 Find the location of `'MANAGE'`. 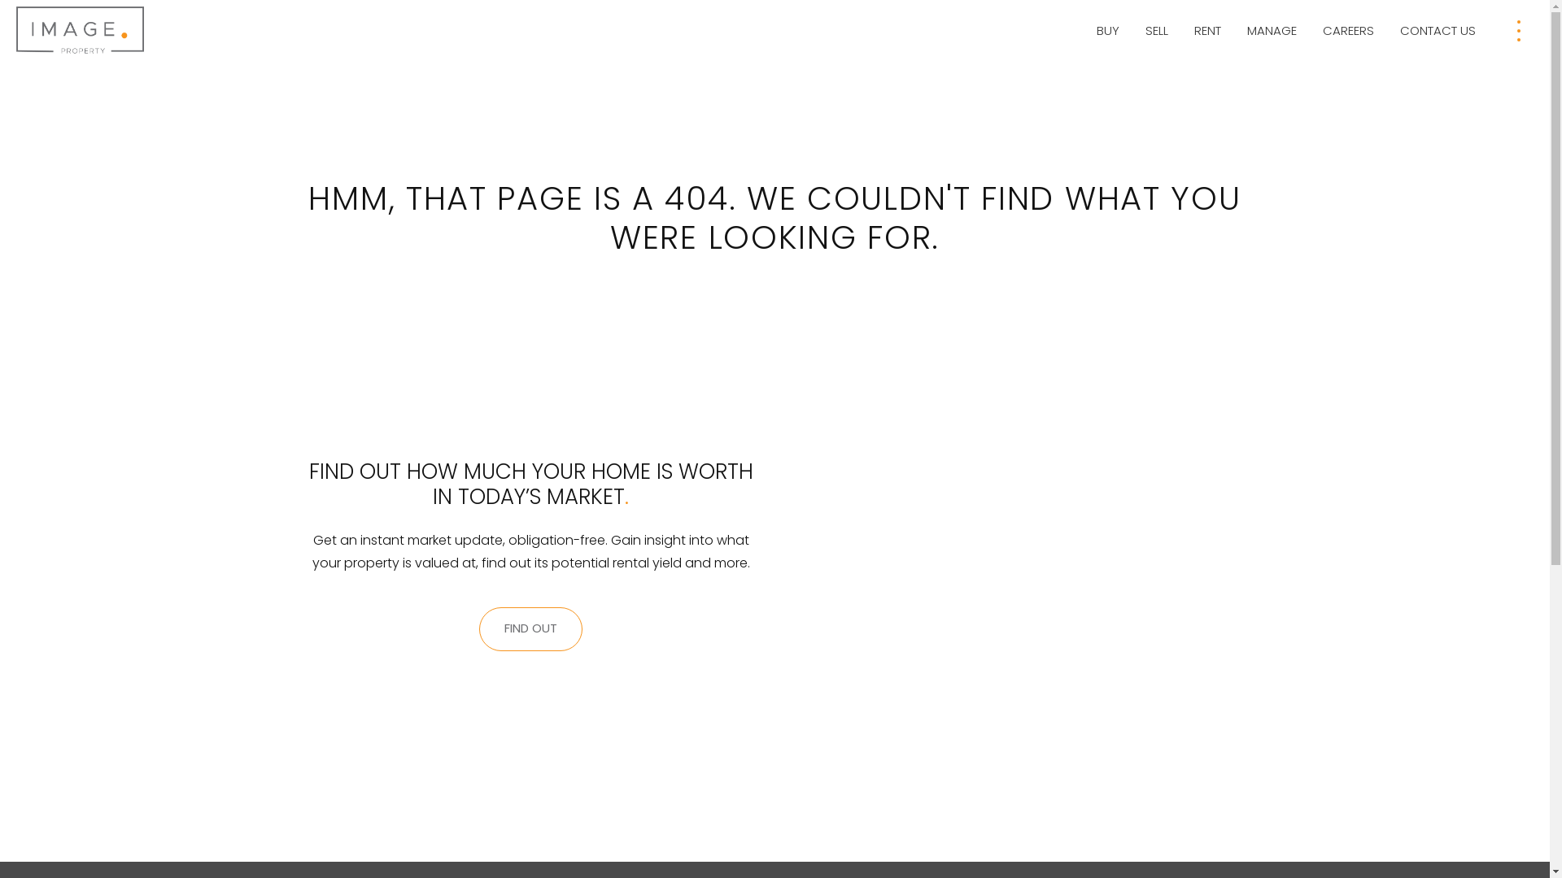

'MANAGE' is located at coordinates (1271, 31).